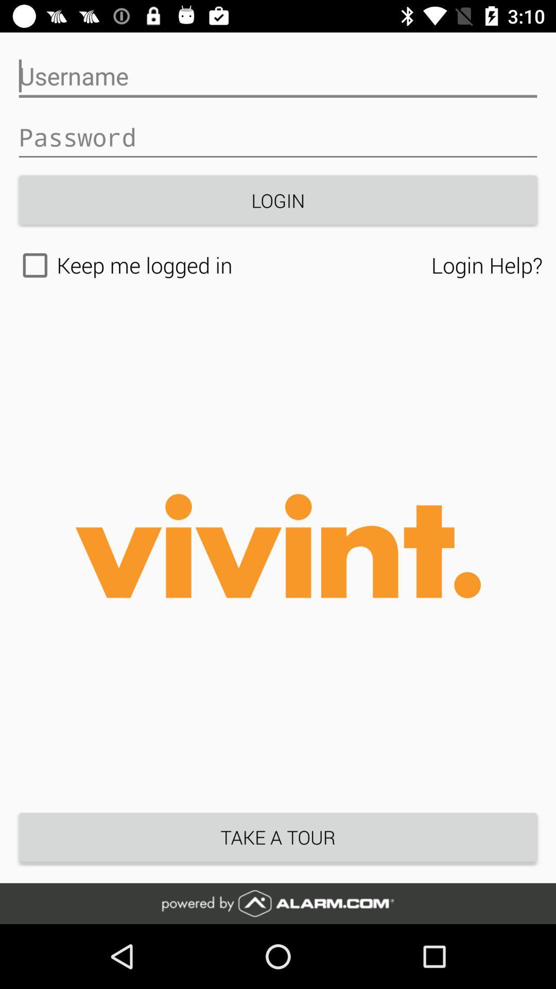 The height and width of the screenshot is (989, 556). I want to click on the keep me logged, so click(222, 265).